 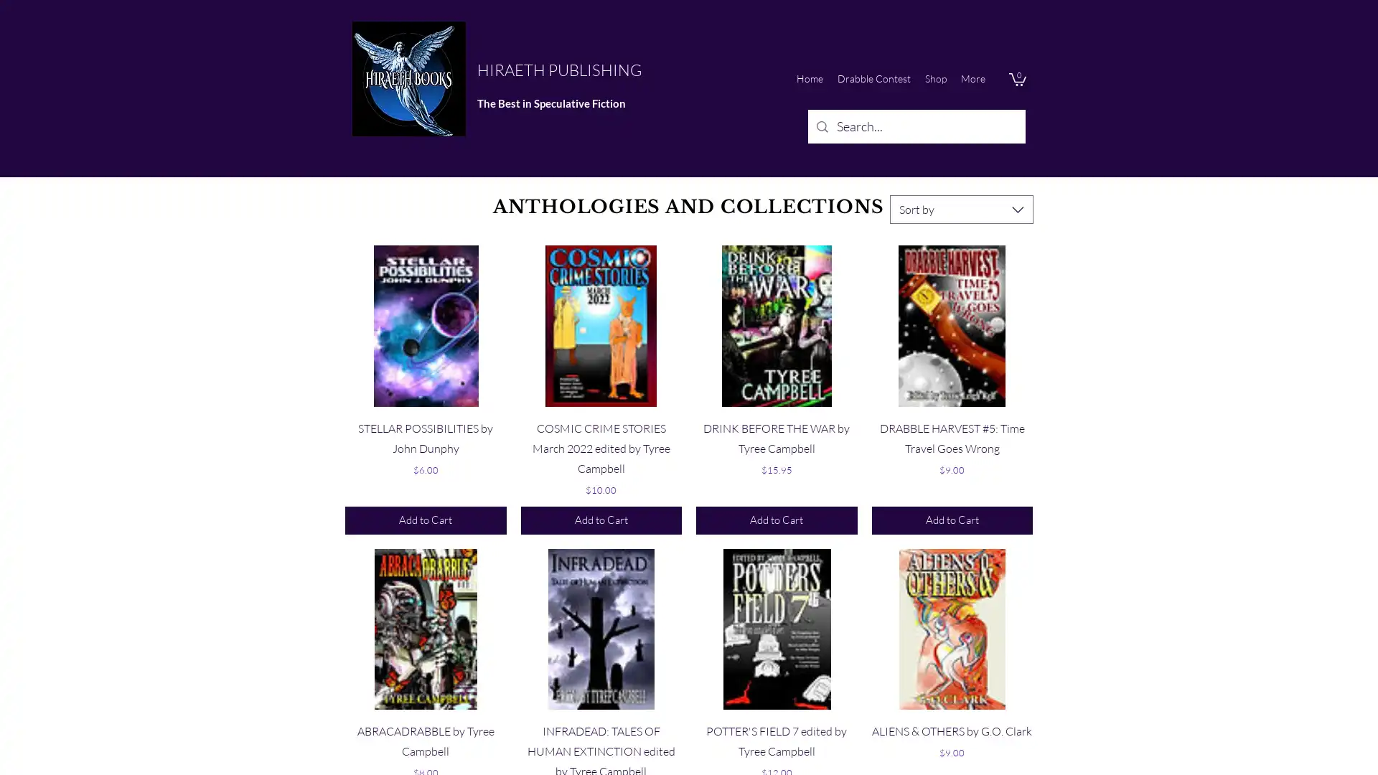 I want to click on Quick View, so click(x=952, y=423).